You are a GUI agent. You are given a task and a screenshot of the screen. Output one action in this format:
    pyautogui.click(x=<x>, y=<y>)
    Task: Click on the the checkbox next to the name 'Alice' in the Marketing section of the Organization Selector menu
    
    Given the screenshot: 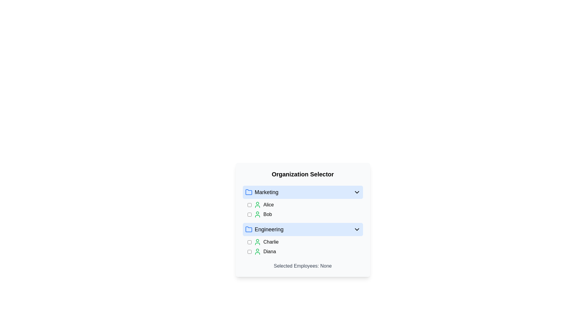 What is the action you would take?
    pyautogui.click(x=303, y=209)
    